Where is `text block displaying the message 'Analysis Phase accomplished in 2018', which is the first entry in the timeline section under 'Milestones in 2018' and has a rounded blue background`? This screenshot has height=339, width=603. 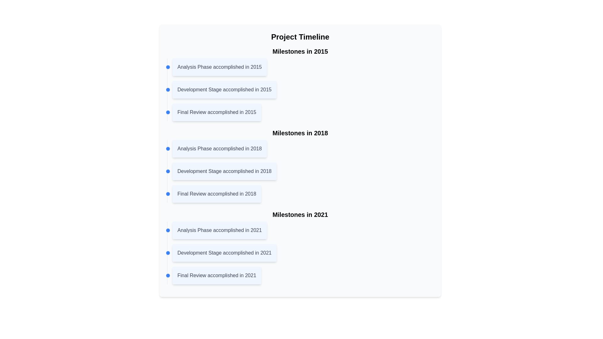 text block displaying the message 'Analysis Phase accomplished in 2018', which is the first entry in the timeline section under 'Milestones in 2018' and has a rounded blue background is located at coordinates (220, 149).